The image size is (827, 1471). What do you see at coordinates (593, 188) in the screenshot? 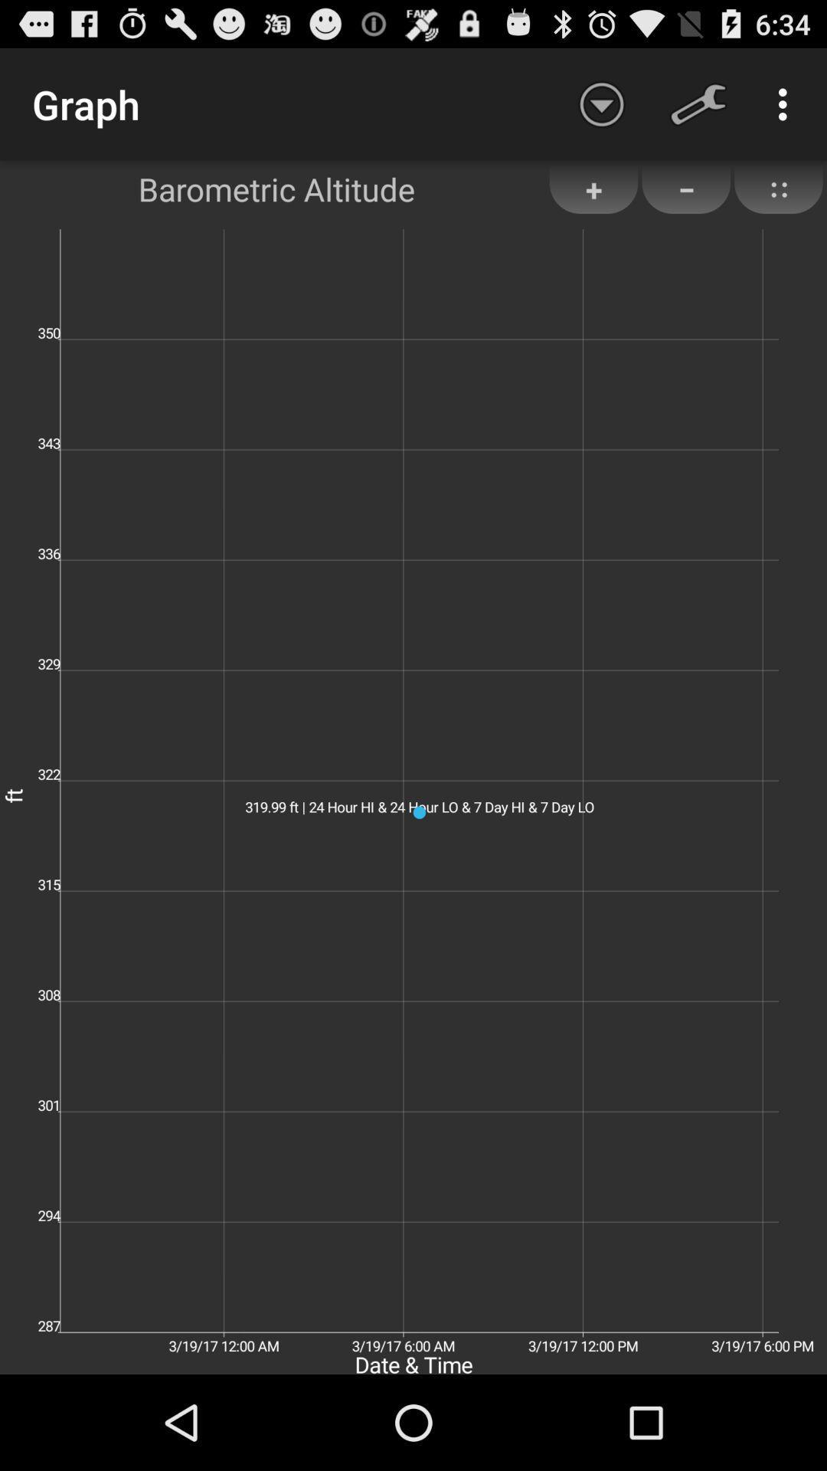
I see `the + icon` at bounding box center [593, 188].